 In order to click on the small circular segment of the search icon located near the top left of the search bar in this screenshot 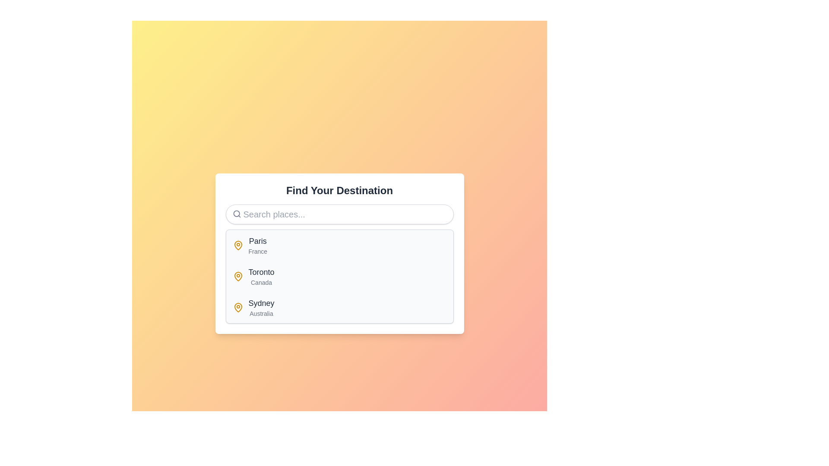, I will do `click(236, 214)`.